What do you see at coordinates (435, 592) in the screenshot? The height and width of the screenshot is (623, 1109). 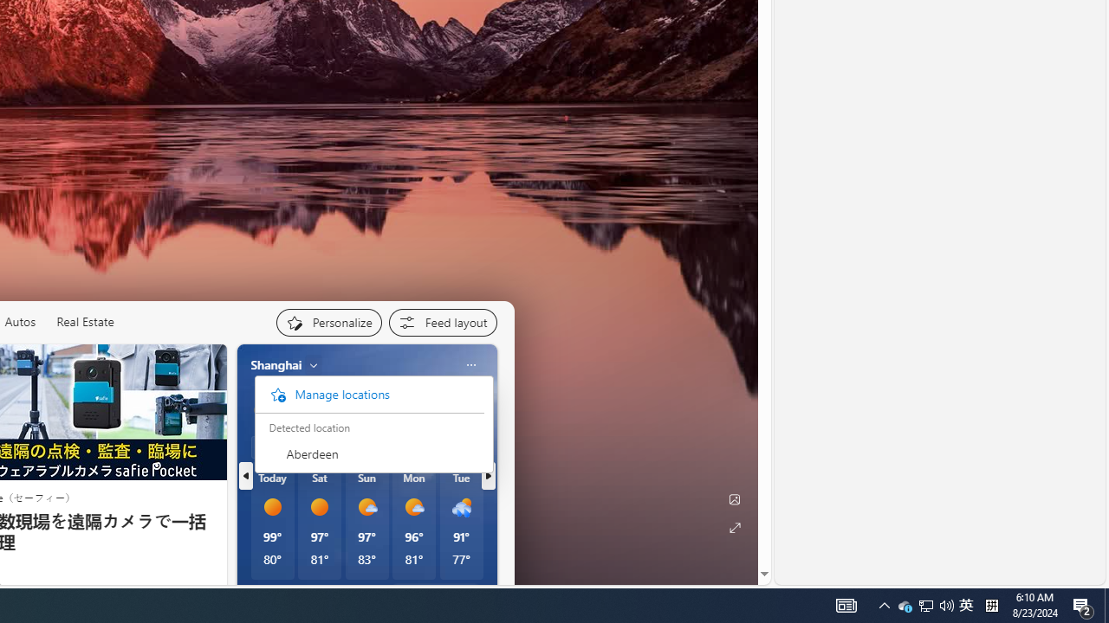 I see `'See full forecast'` at bounding box center [435, 592].